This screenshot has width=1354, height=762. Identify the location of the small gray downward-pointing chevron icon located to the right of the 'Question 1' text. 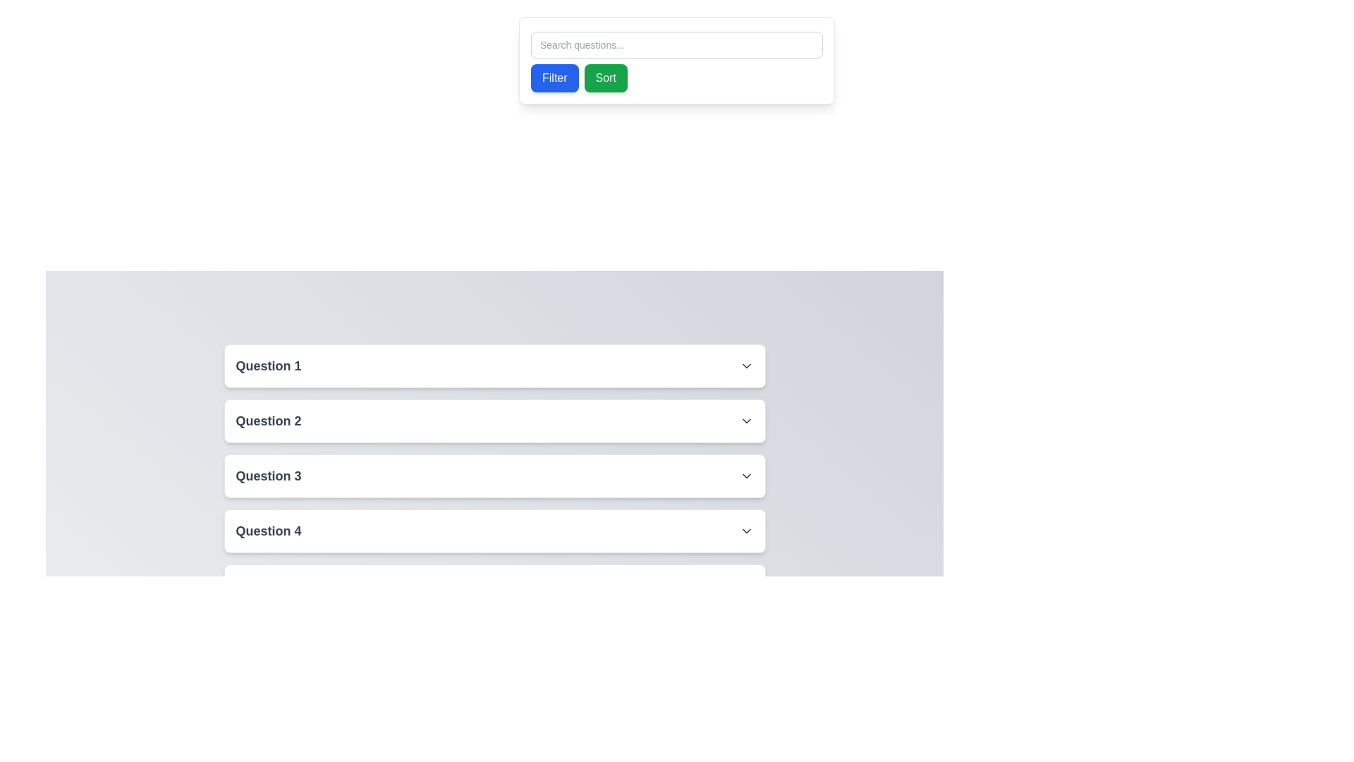
(745, 365).